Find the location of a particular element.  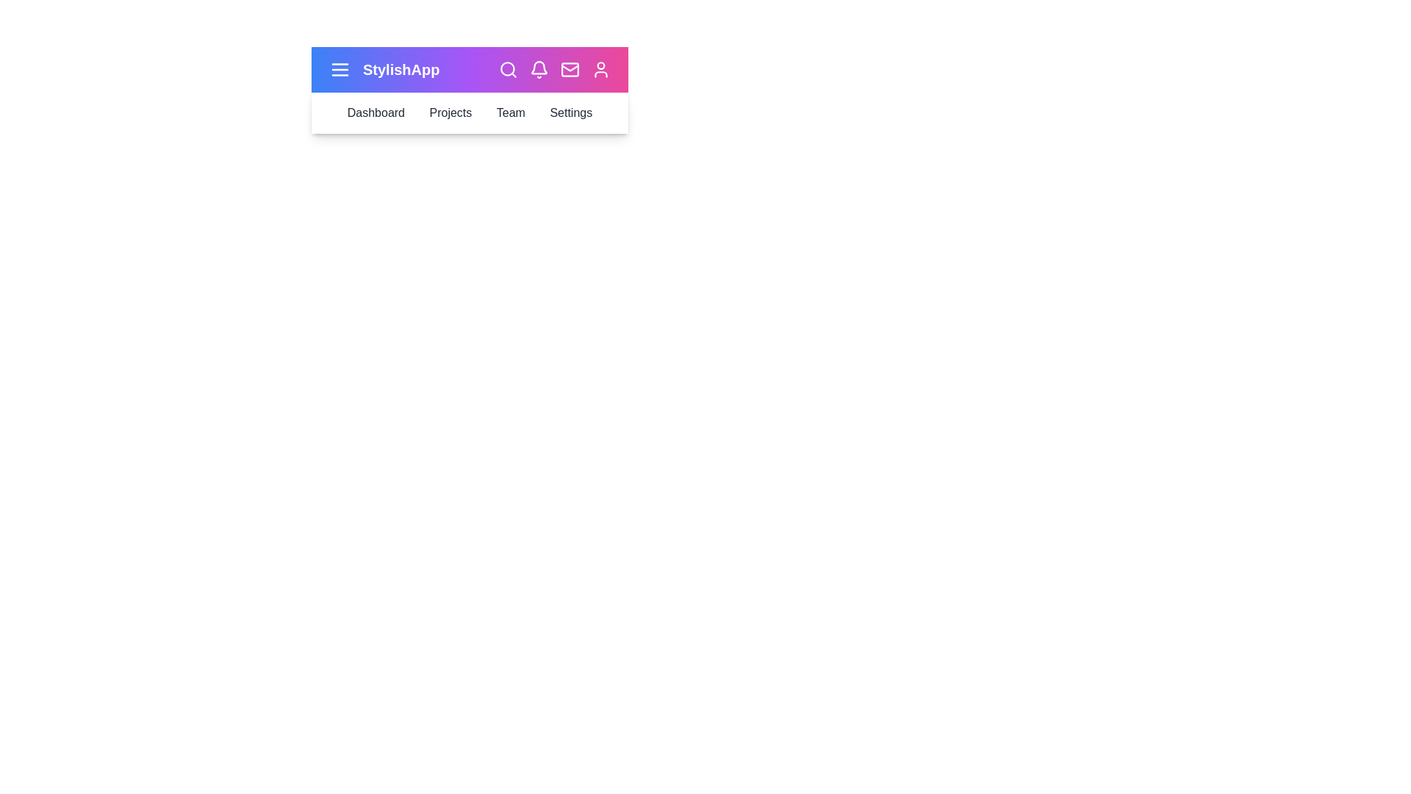

the 'Settings' button in the navigation bar is located at coordinates (570, 112).